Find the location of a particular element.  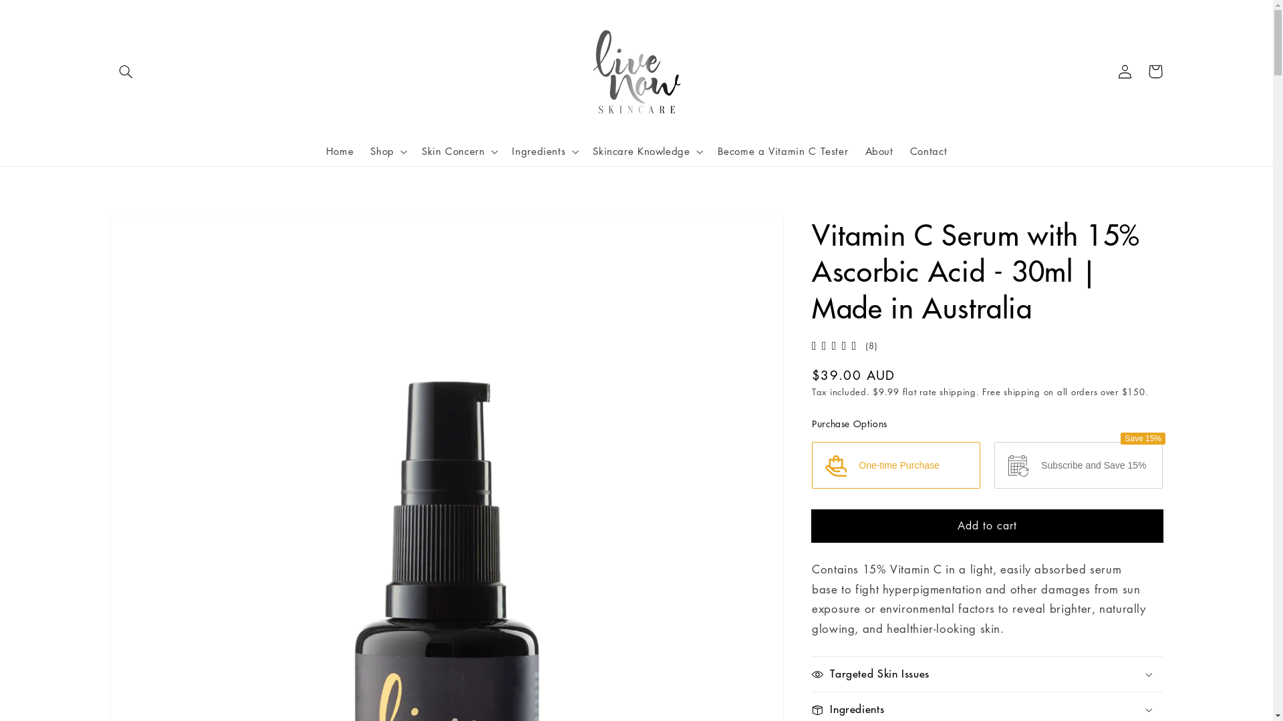

'Become a Vitamin C Tester' is located at coordinates (782, 151).